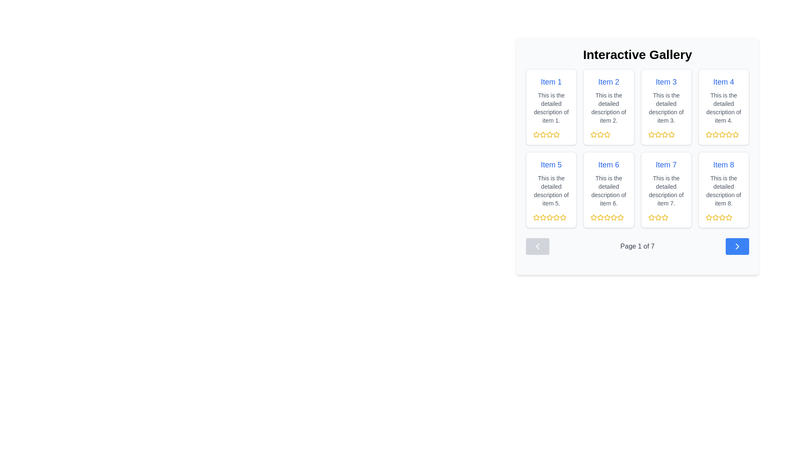  I want to click on the fourth interactive star icon in the rating component under the card labeled 'Item 4' located in the top-right corner of the grid layout to rate it, so click(728, 134).